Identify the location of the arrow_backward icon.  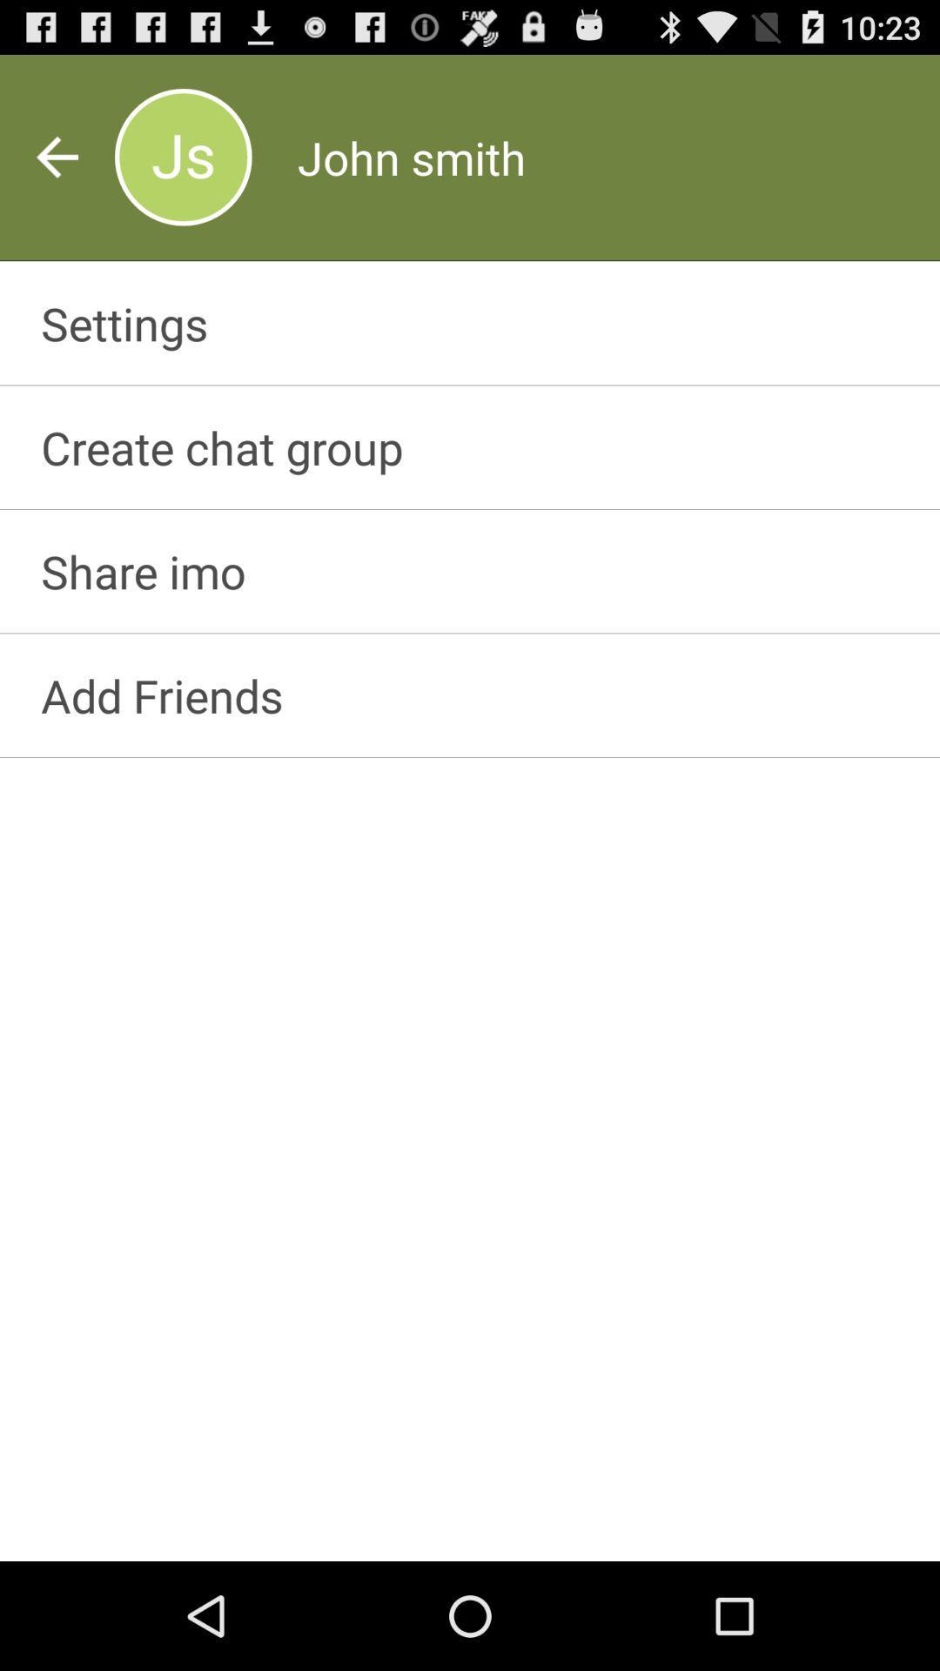
(56, 168).